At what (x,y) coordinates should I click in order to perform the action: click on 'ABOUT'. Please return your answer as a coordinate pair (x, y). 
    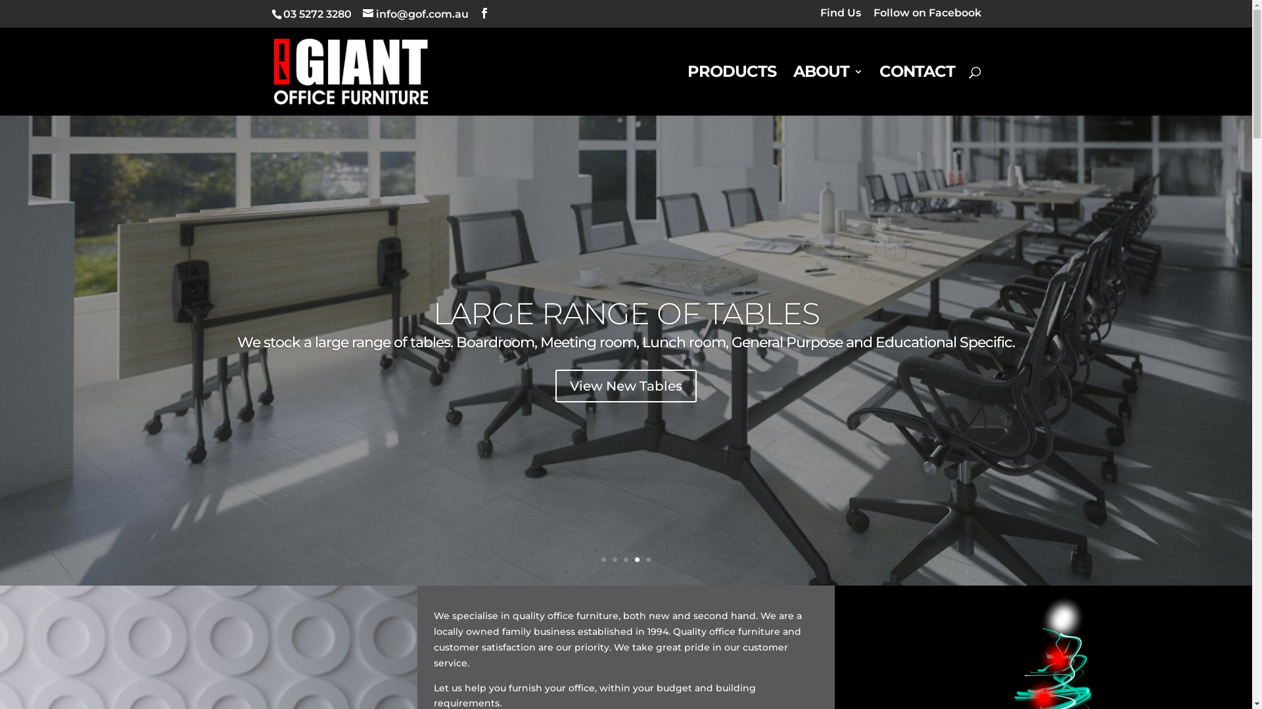
    Looking at the image, I should click on (826, 90).